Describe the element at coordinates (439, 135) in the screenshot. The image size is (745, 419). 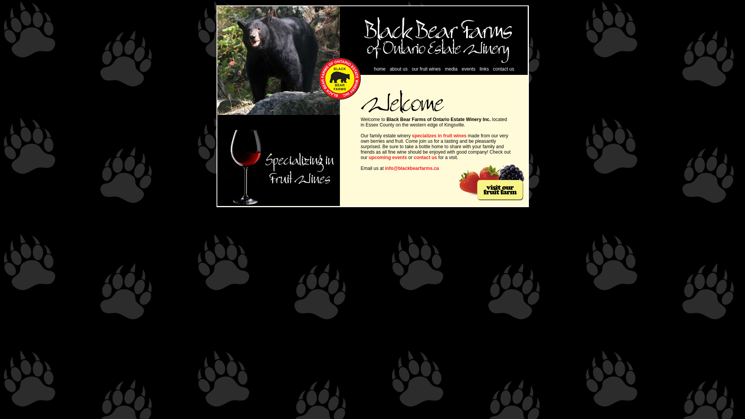
I see `'specializes in fruit wines'` at that location.